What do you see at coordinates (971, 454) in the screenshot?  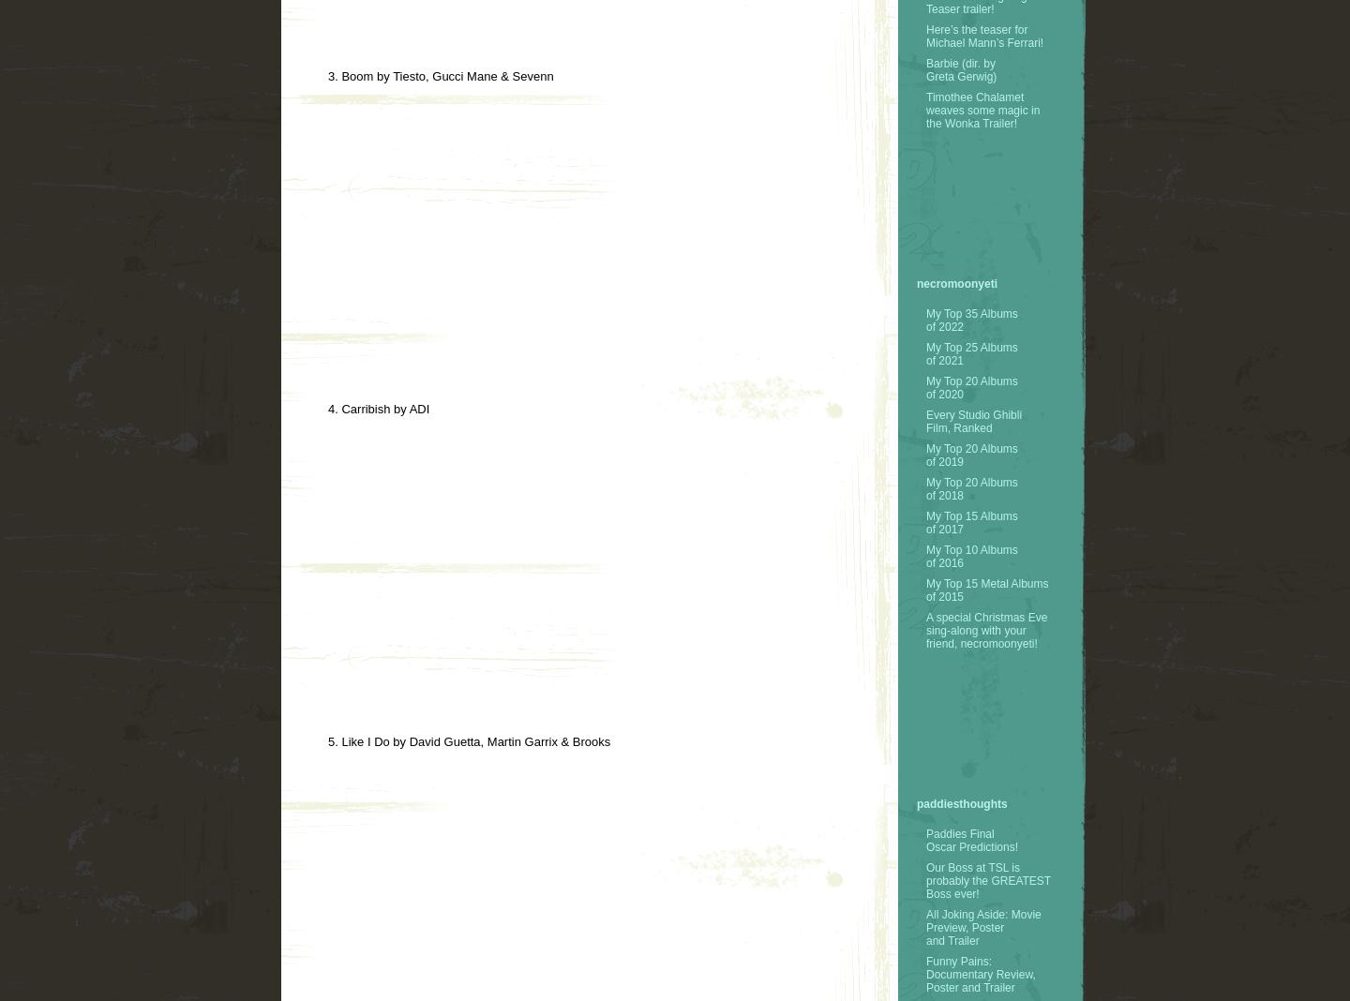 I see `'My Top 20 Albums of 2019'` at bounding box center [971, 454].